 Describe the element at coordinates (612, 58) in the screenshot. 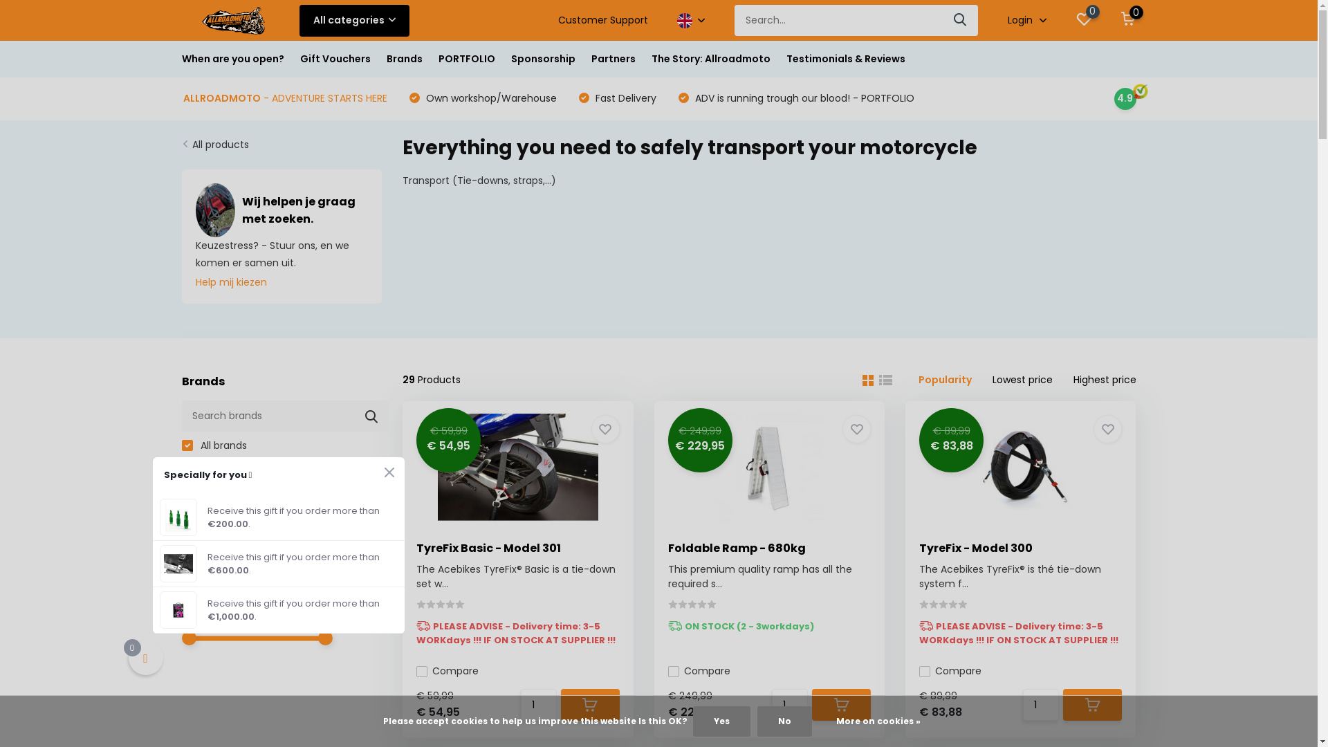

I see `'Partners'` at that location.